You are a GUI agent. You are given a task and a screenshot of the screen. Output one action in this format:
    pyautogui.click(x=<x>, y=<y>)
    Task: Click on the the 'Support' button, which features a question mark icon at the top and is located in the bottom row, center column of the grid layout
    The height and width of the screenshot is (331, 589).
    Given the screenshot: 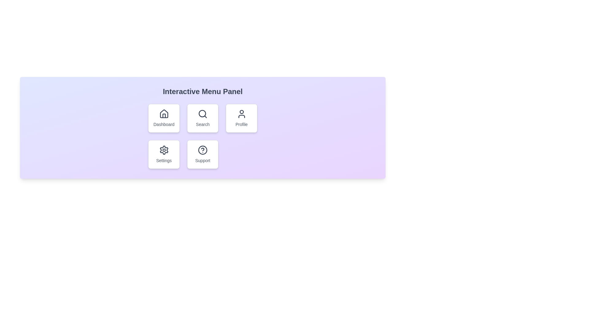 What is the action you would take?
    pyautogui.click(x=203, y=154)
    